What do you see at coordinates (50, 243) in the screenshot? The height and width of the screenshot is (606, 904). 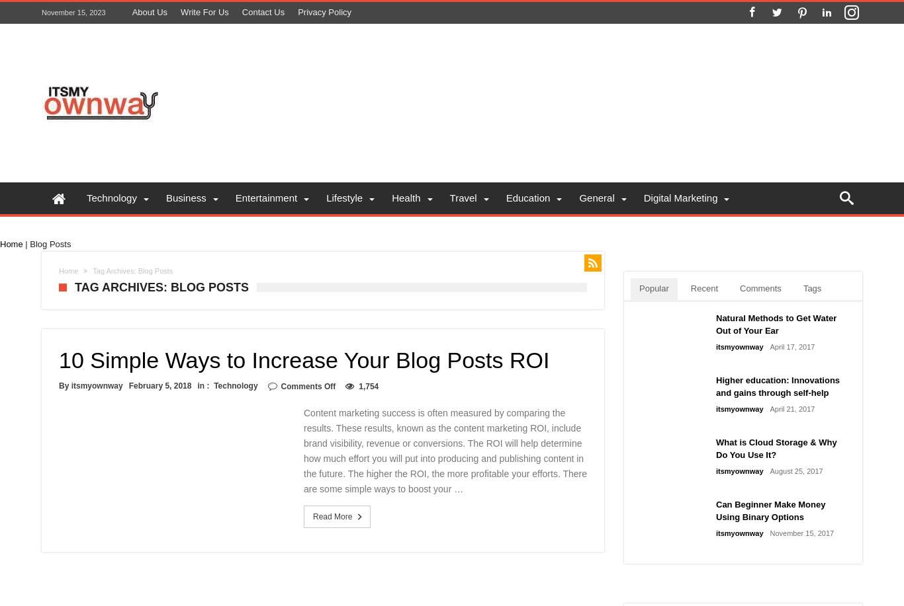 I see `'Blog Posts'` at bounding box center [50, 243].